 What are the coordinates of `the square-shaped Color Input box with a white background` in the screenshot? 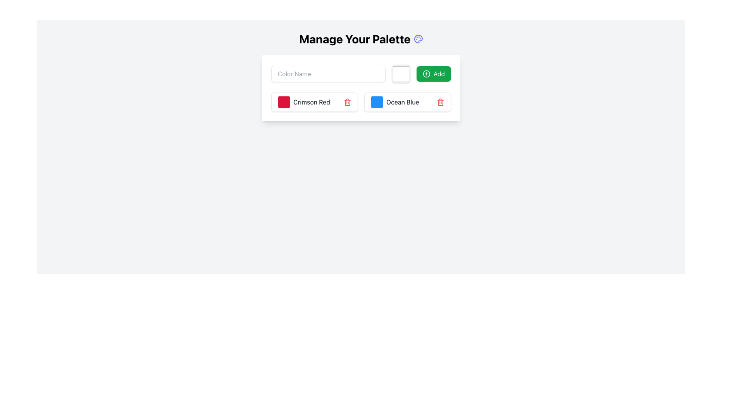 It's located at (401, 74).